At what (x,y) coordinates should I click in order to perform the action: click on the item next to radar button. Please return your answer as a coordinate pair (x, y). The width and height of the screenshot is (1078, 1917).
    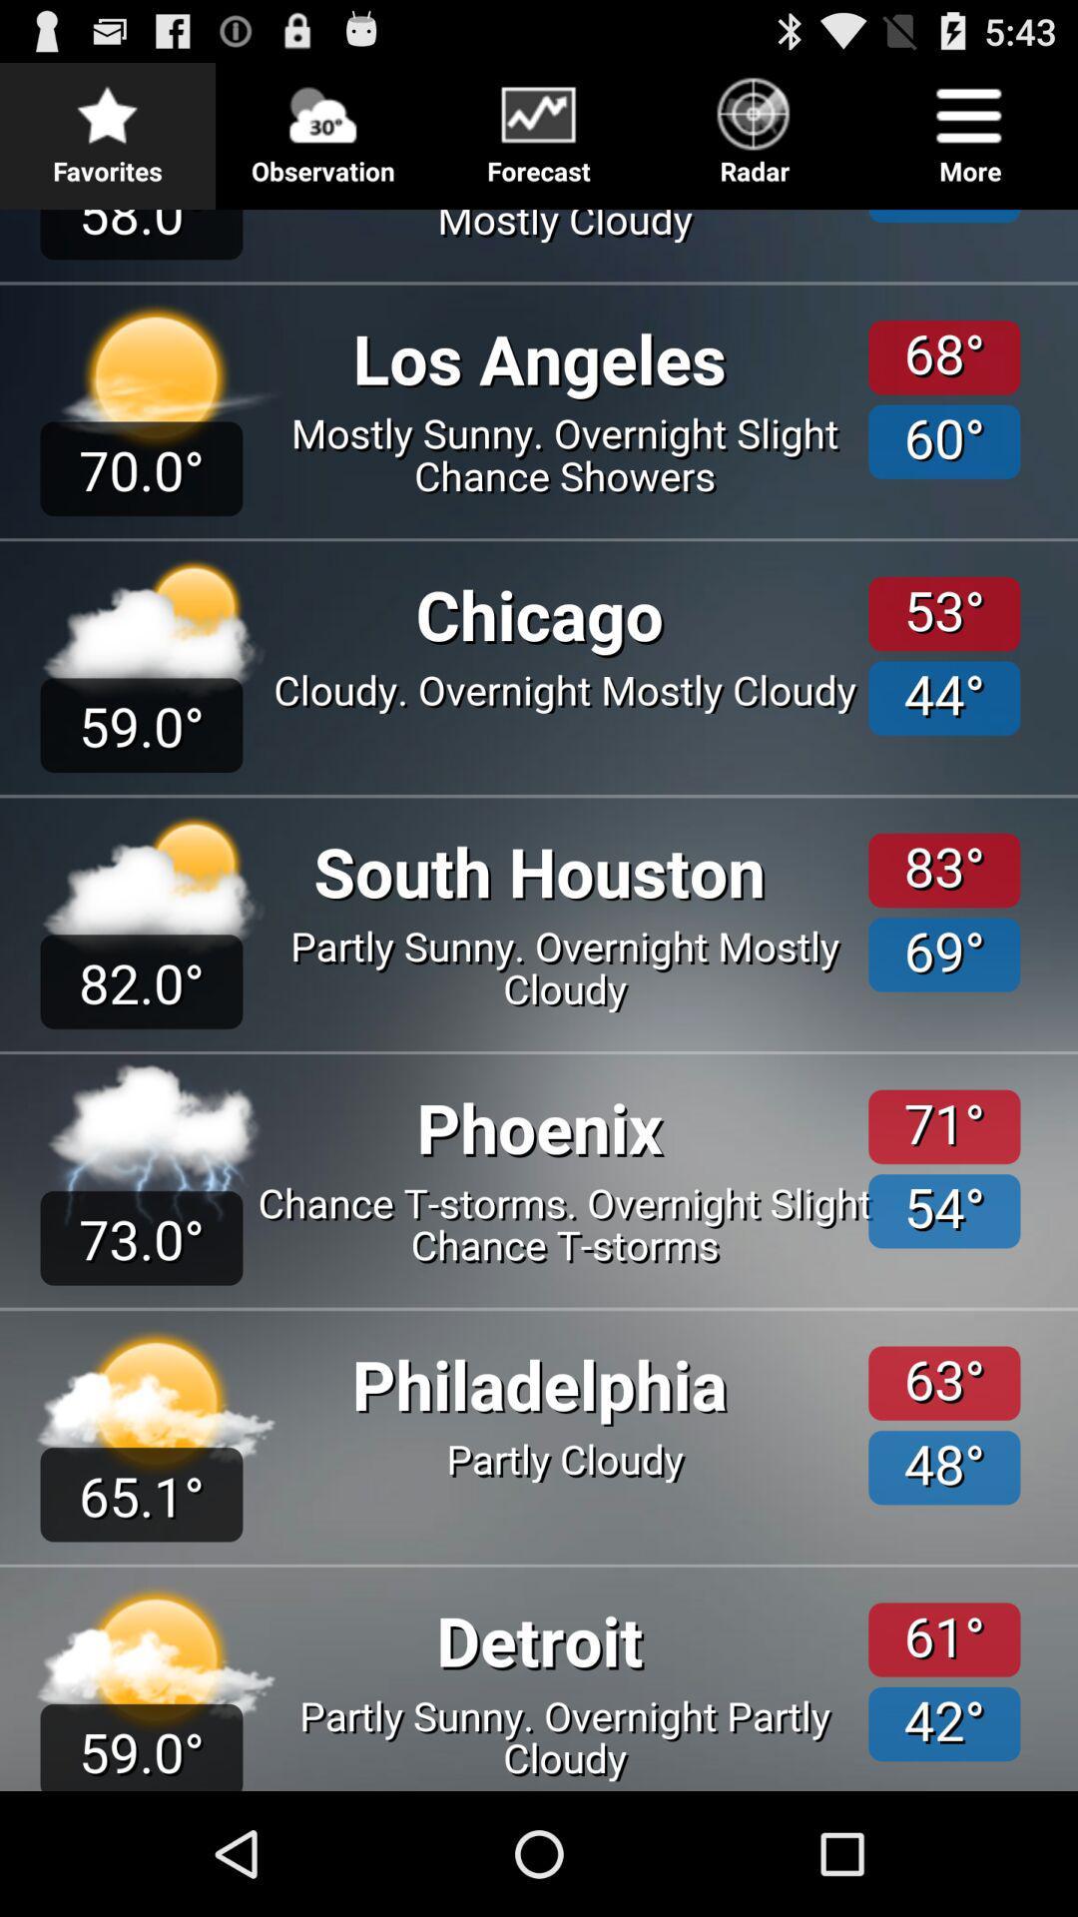
    Looking at the image, I should click on (969, 124).